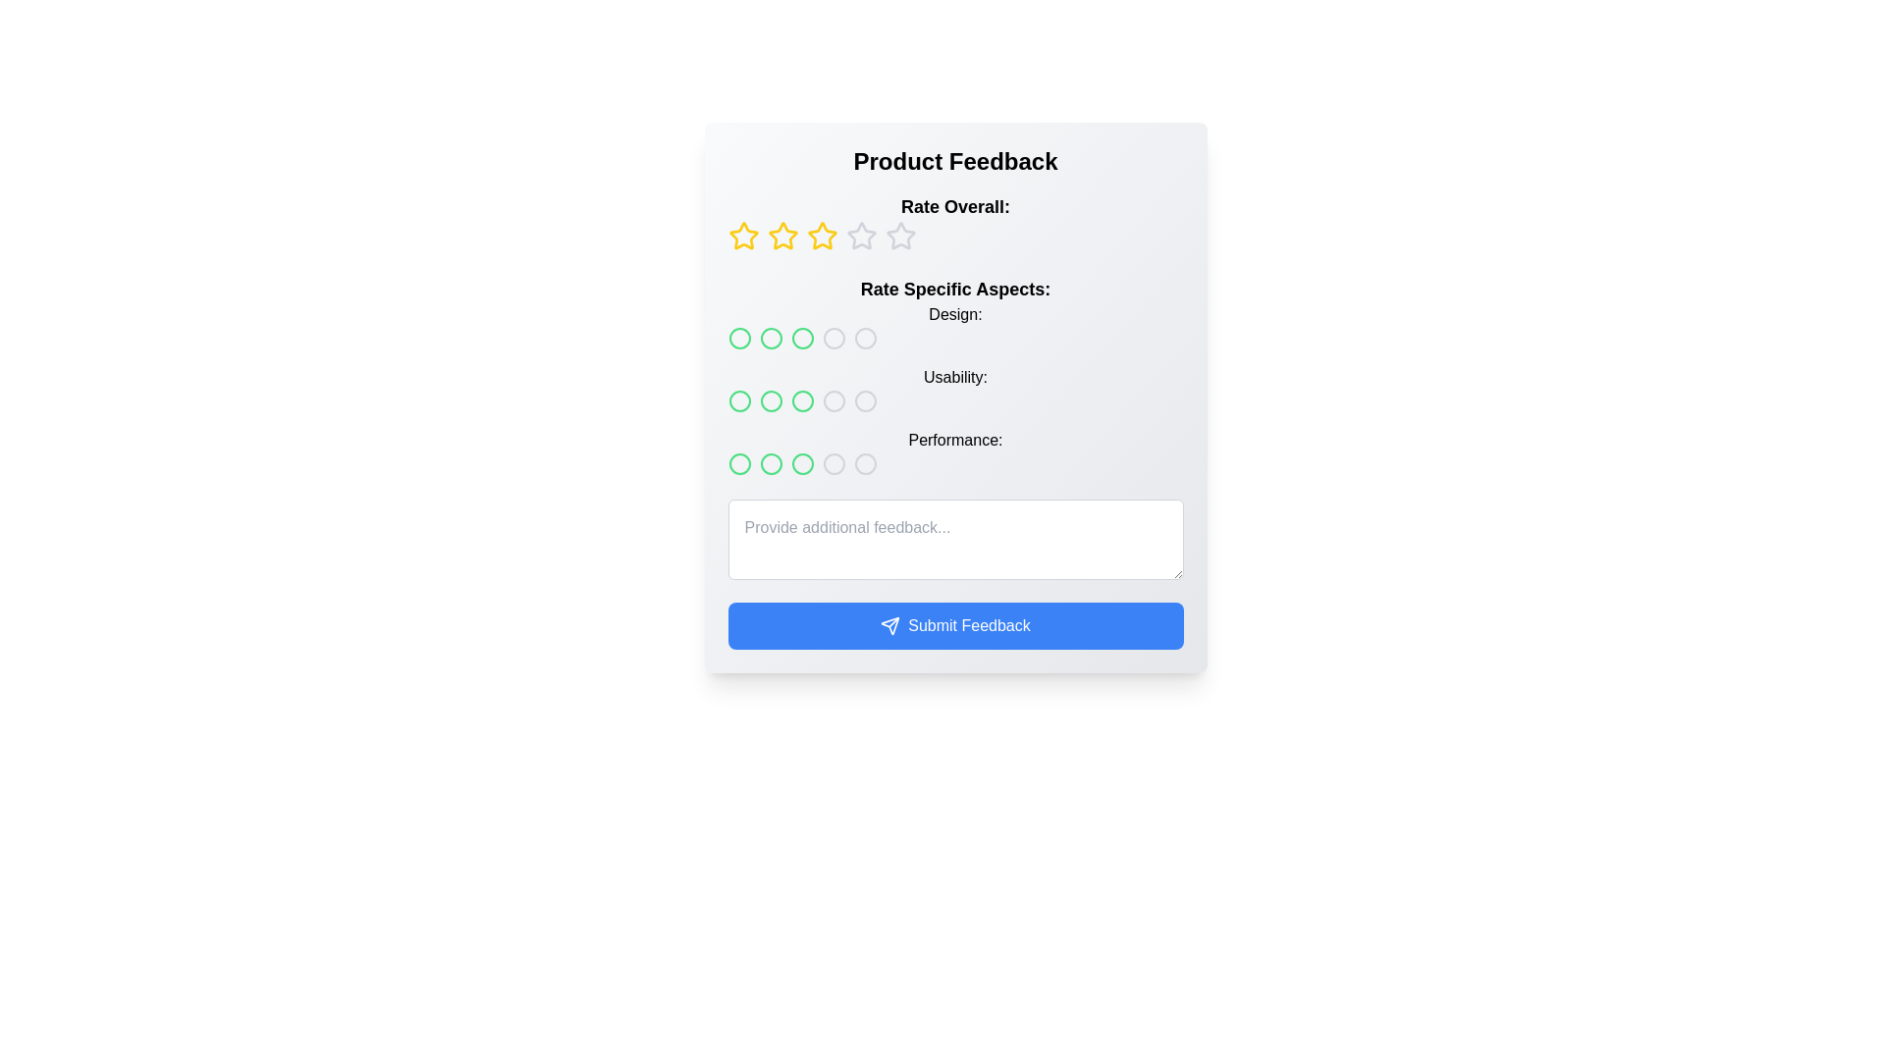 Image resolution: width=1885 pixels, height=1060 pixels. Describe the element at coordinates (742, 235) in the screenshot. I see `the first star rating button` at that location.